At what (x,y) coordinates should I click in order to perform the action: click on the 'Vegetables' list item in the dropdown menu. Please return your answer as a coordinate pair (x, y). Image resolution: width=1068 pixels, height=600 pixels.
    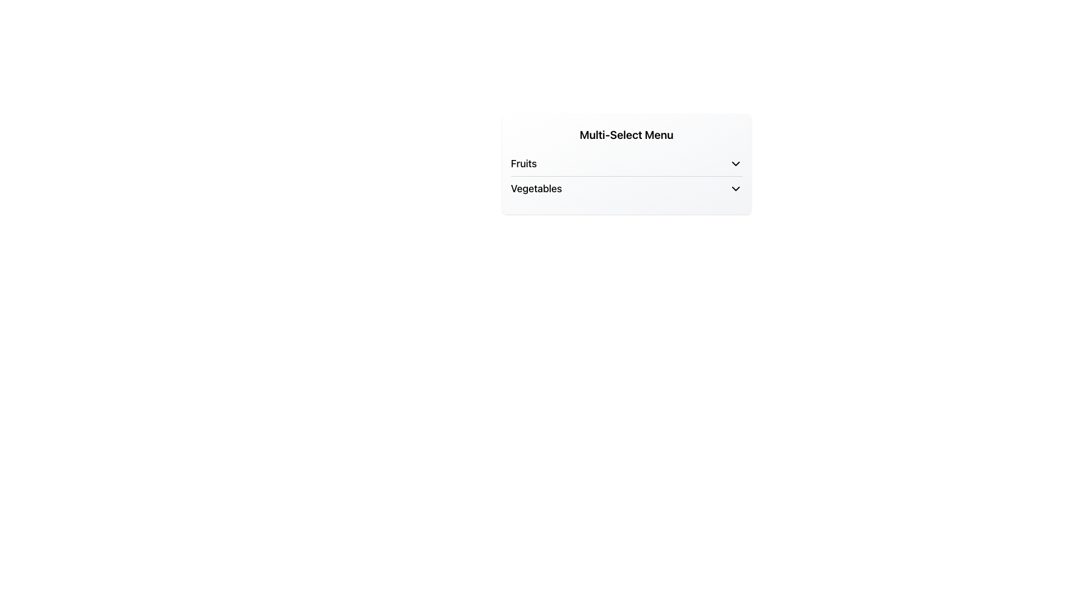
    Looking at the image, I should click on (626, 188).